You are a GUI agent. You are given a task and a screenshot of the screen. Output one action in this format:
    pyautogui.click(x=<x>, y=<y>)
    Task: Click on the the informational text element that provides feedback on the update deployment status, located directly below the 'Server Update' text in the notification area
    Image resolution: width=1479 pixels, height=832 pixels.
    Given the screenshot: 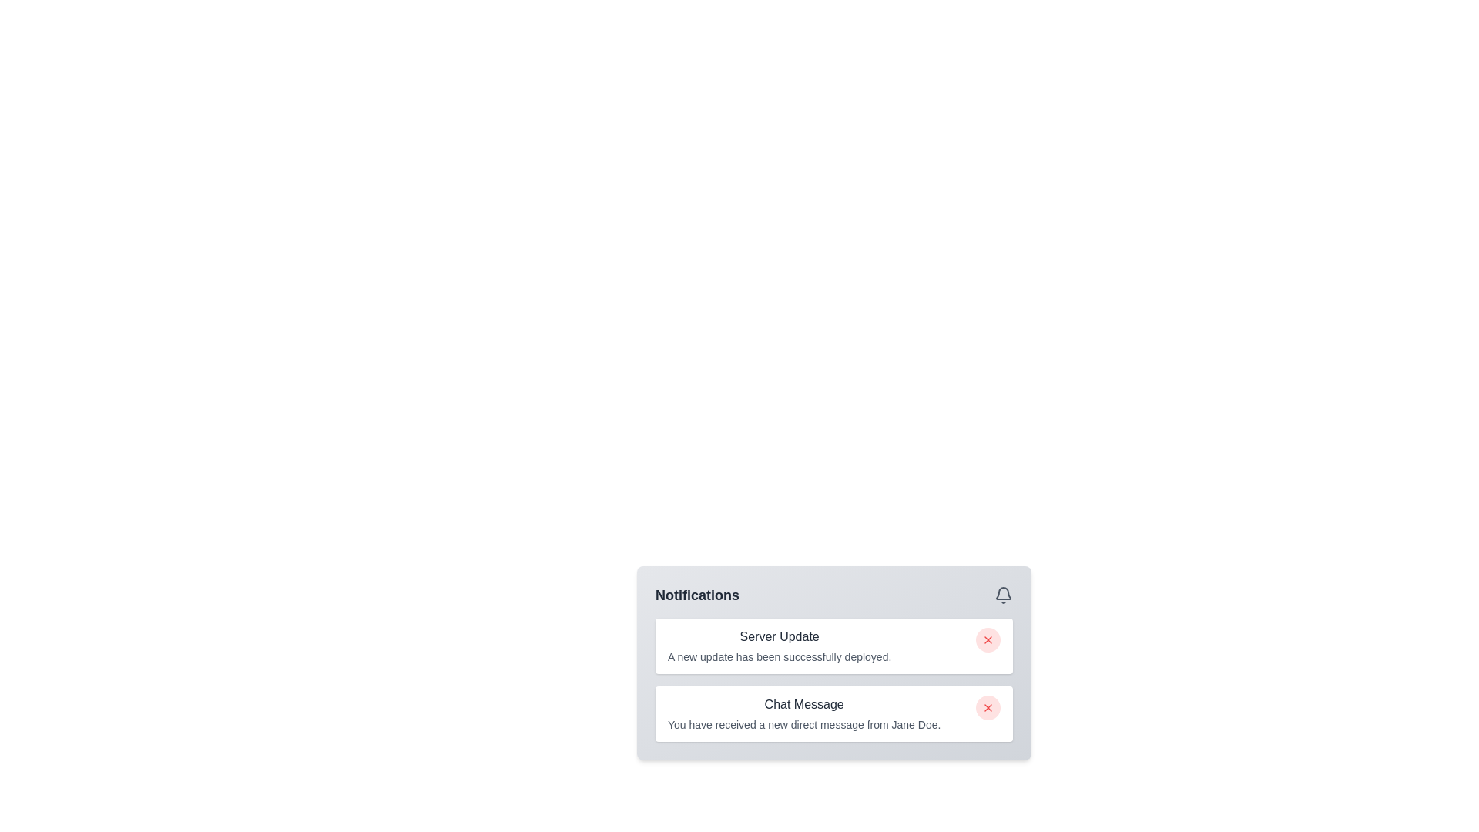 What is the action you would take?
    pyautogui.click(x=780, y=656)
    